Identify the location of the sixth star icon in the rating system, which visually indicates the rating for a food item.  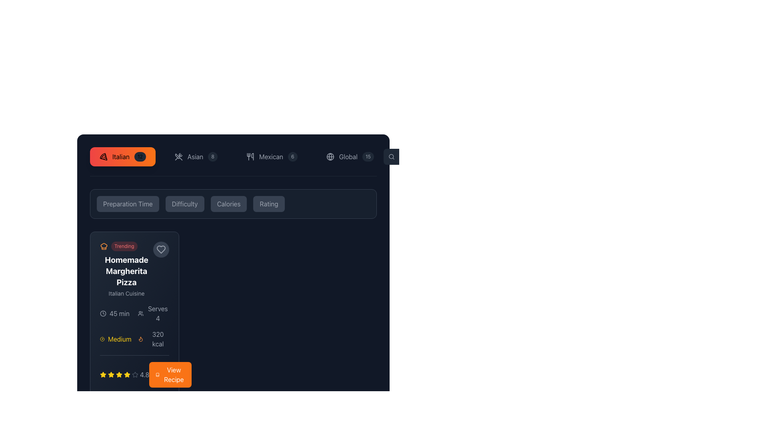
(126, 375).